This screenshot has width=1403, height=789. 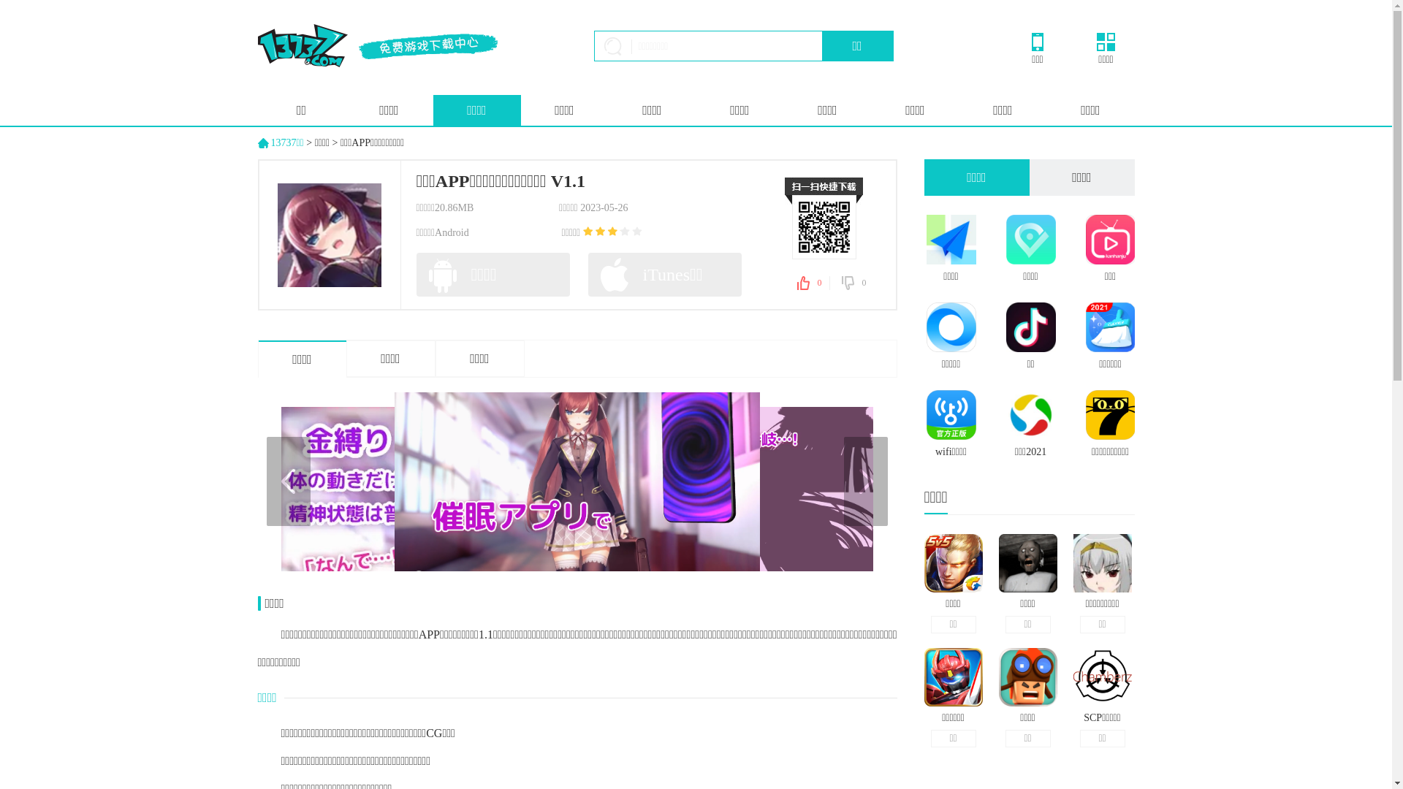 I want to click on '0', so click(x=812, y=283).